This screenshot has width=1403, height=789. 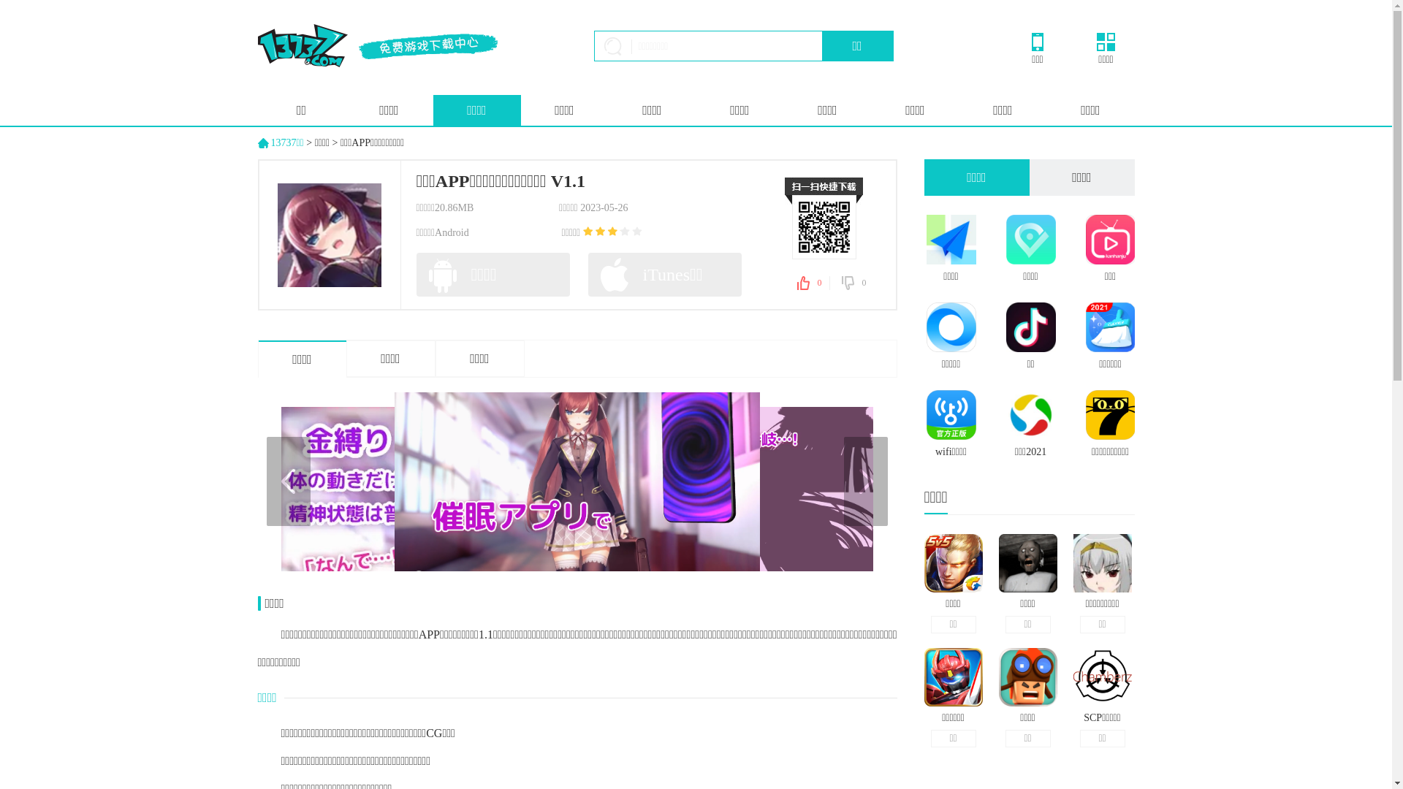 I want to click on '0', so click(x=812, y=283).